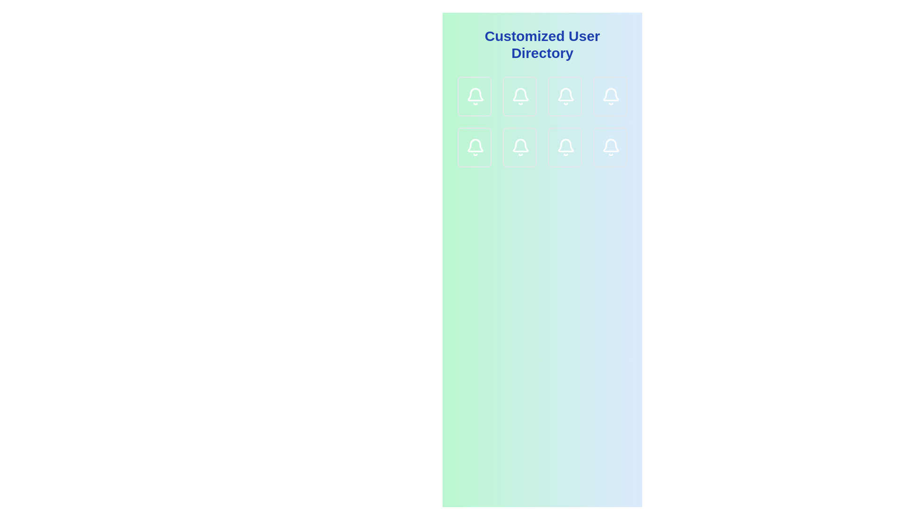 The width and height of the screenshot is (904, 509). I want to click on the bell-shaped icon, so click(520, 145).